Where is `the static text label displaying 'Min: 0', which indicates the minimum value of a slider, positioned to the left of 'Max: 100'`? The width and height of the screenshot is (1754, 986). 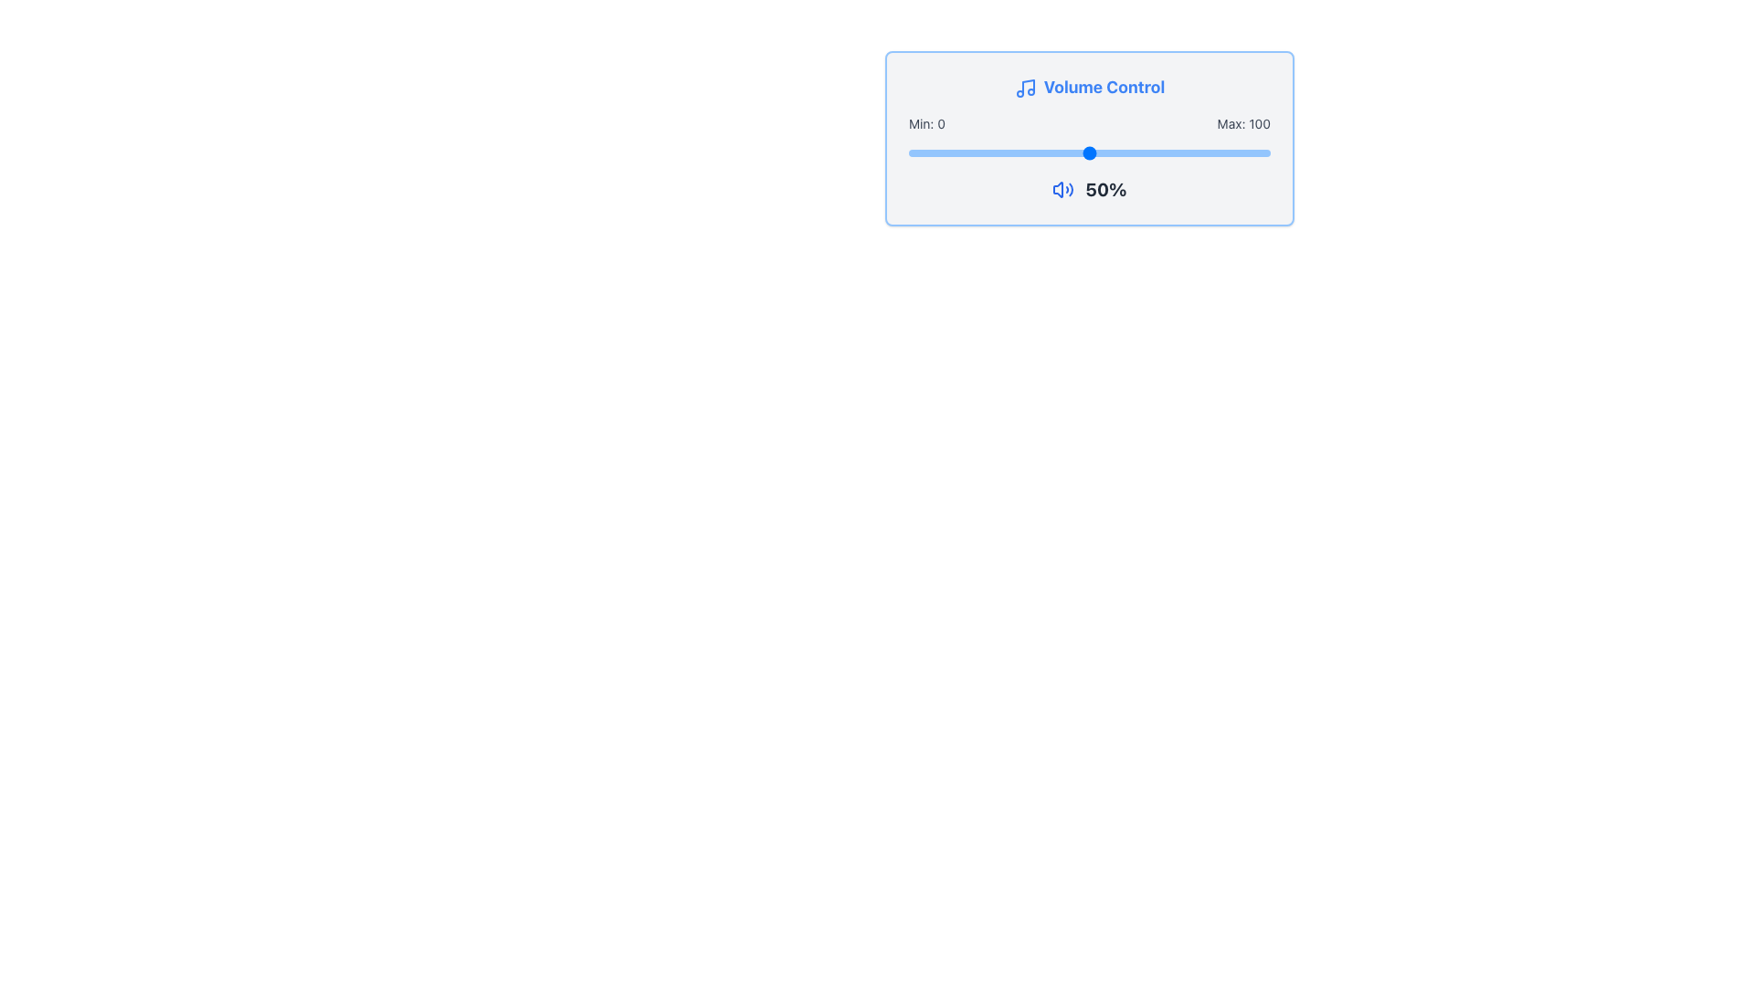
the static text label displaying 'Min: 0', which indicates the minimum value of a slider, positioned to the left of 'Max: 100' is located at coordinates (926, 123).